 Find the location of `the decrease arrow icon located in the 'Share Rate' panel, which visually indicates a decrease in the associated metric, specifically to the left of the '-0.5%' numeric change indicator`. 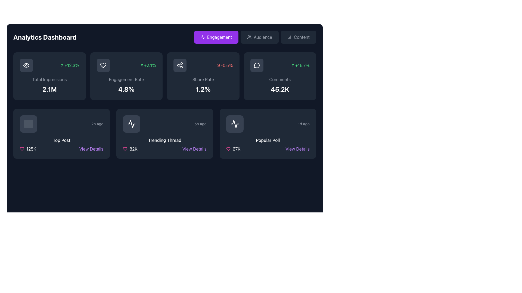

the decrease arrow icon located in the 'Share Rate' panel, which visually indicates a decrease in the associated metric, specifically to the left of the '-0.5%' numeric change indicator is located at coordinates (219, 65).